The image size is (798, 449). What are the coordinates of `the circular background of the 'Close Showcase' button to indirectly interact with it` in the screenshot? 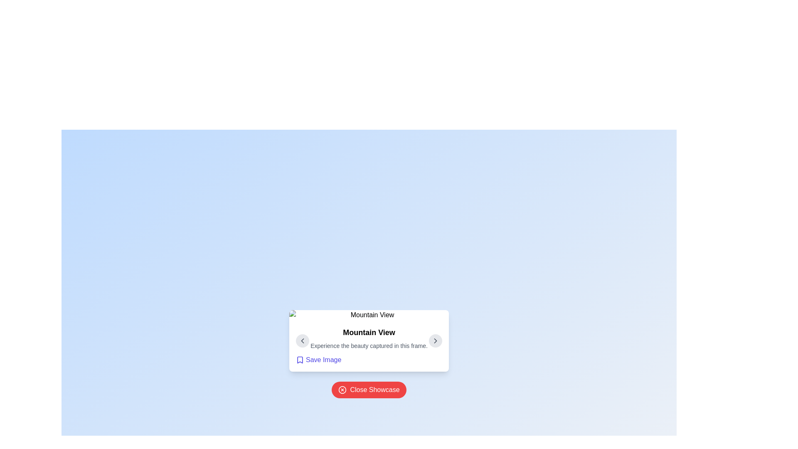 It's located at (342, 390).